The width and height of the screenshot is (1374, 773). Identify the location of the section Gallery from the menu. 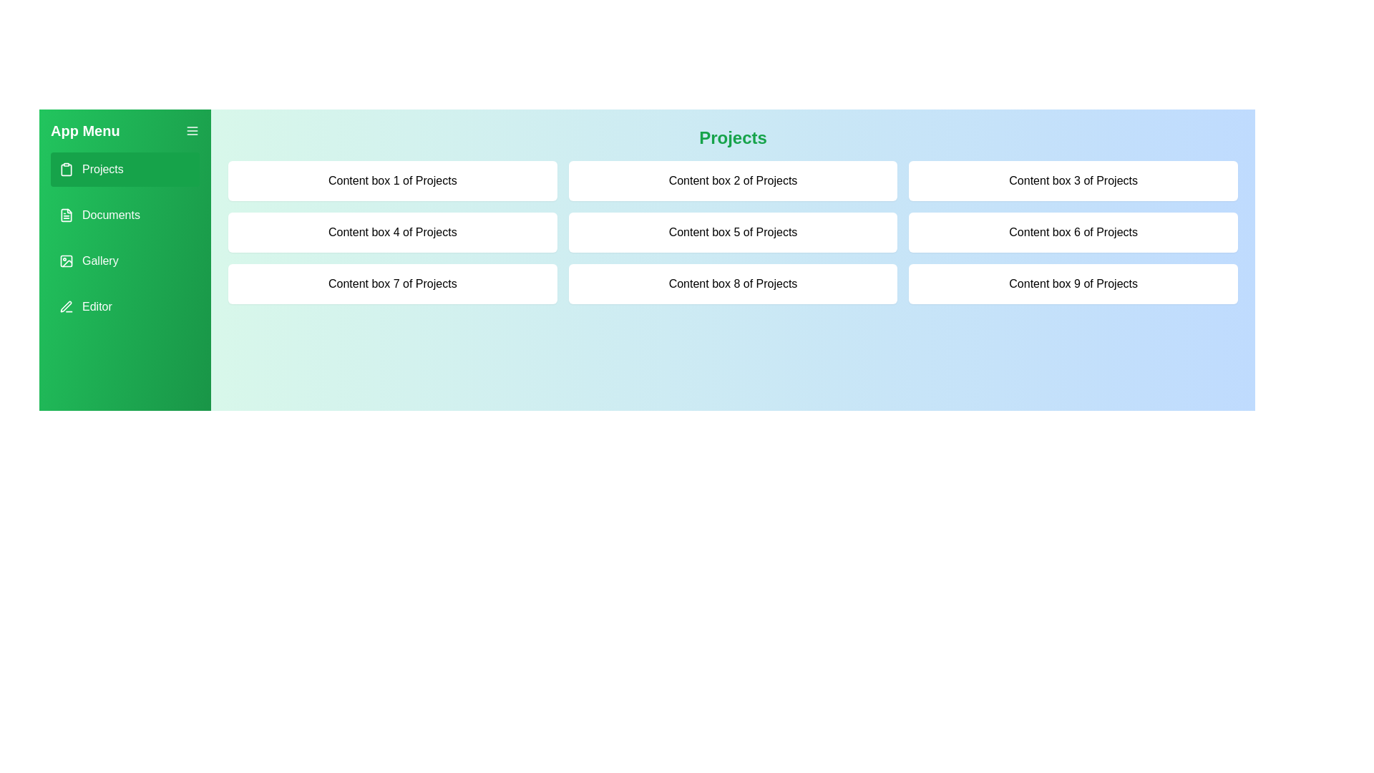
(125, 261).